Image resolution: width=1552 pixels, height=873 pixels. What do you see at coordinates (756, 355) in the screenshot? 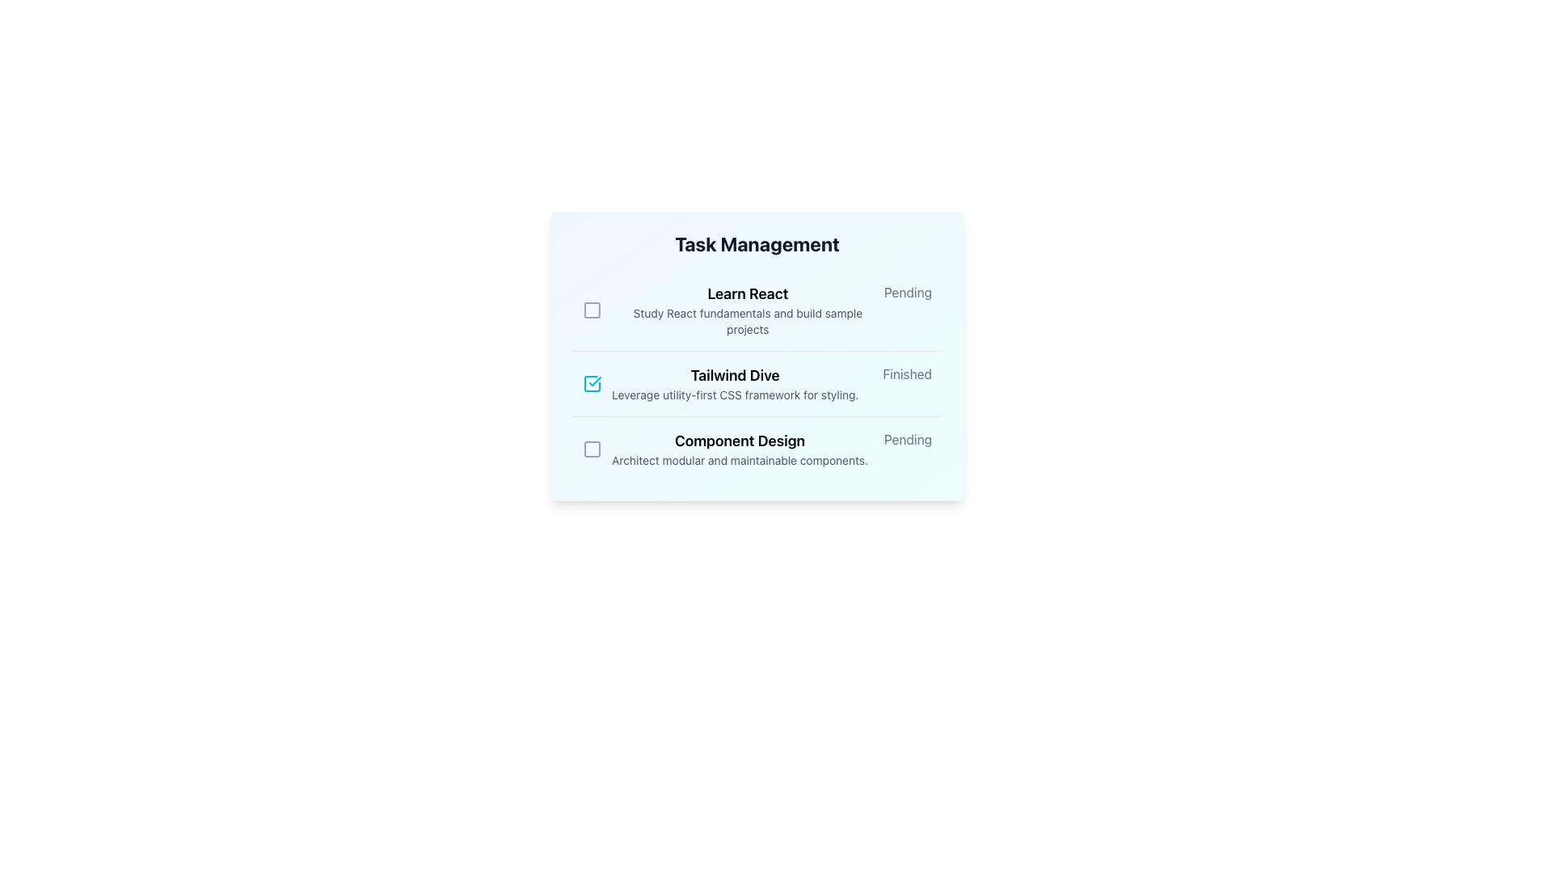
I see `the task list item, which has a gradient background and rounded corners` at bounding box center [756, 355].